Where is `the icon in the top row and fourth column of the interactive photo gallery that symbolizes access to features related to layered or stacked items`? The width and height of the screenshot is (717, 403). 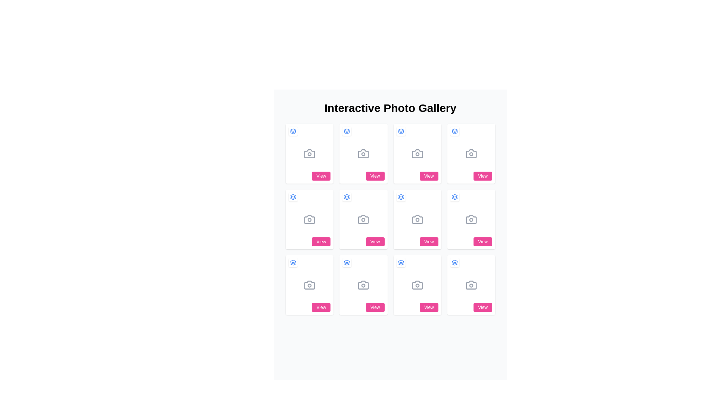
the icon in the top row and fourth column of the interactive photo gallery that symbolizes access to features related to layered or stacked items is located at coordinates (454, 131).